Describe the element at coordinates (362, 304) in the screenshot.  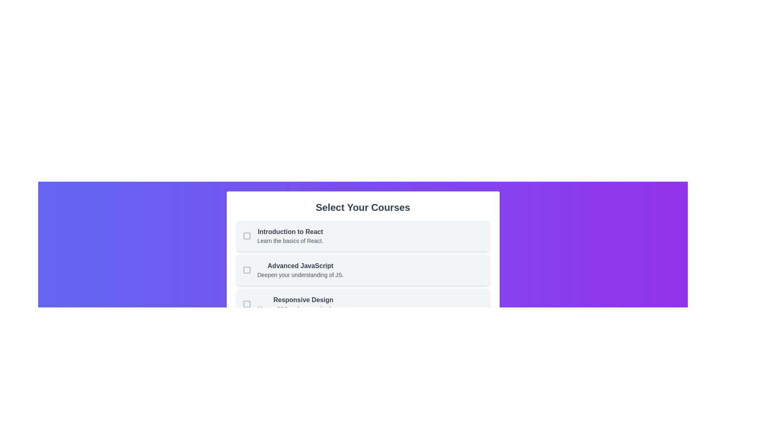
I see `the course item Responsive Design to observe its hover effect` at that location.